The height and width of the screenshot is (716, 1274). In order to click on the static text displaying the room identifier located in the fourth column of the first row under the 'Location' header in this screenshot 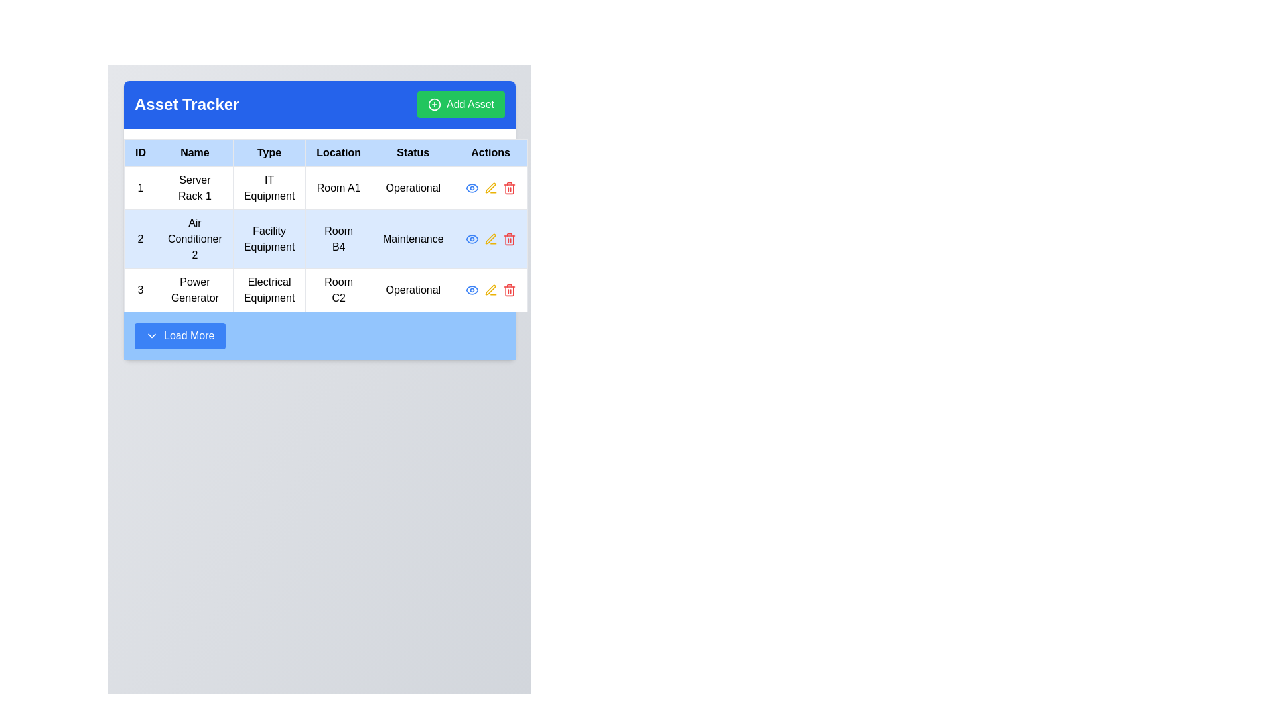, I will do `click(338, 188)`.